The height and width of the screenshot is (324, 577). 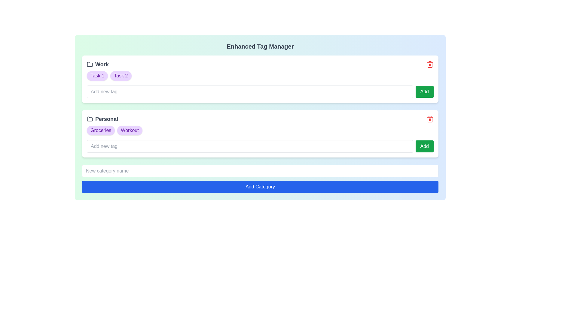 I want to click on the 'Add Category' button, which is a vibrant blue rectangular button with white text, located at the bottom of the form section, so click(x=260, y=187).